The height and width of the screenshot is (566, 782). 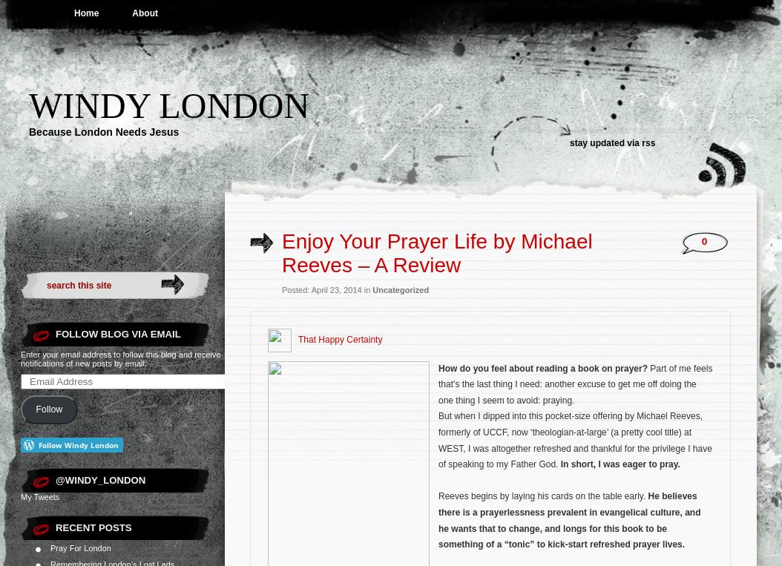 What do you see at coordinates (21, 358) in the screenshot?
I see `'Enter your email address to follow this blog and receive notifications of new posts by email.'` at bounding box center [21, 358].